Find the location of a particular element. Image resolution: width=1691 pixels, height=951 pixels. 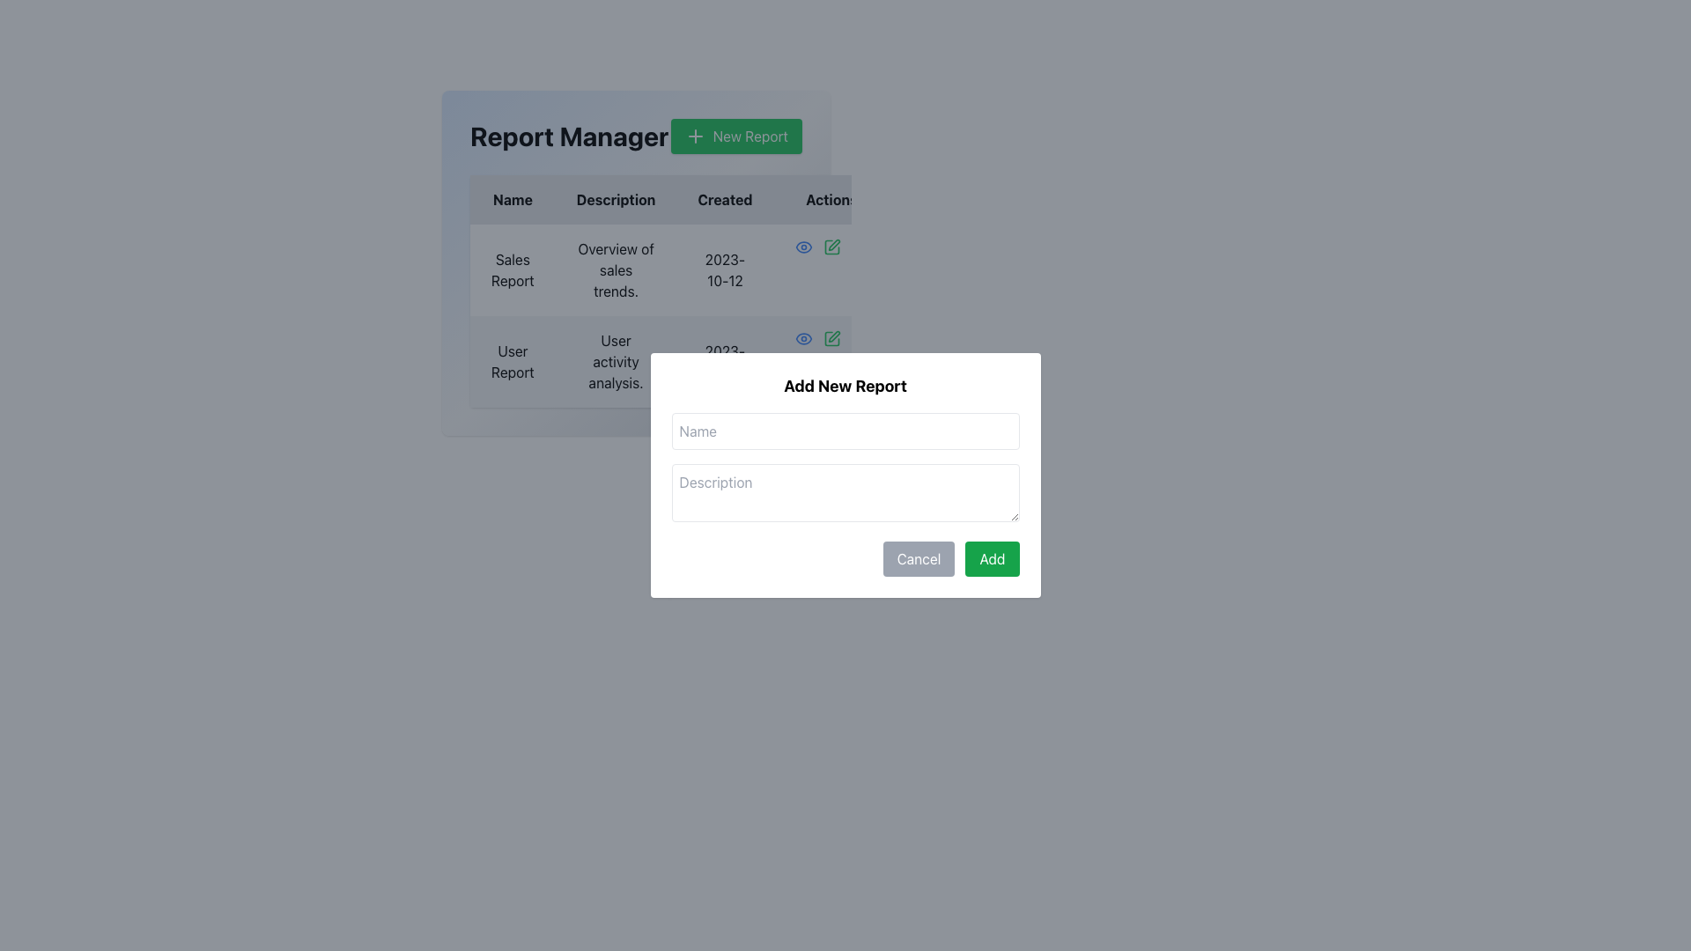

the first Icon button in the 'Actions' column of the 'Report Manager' interface is located at coordinates (802, 339).